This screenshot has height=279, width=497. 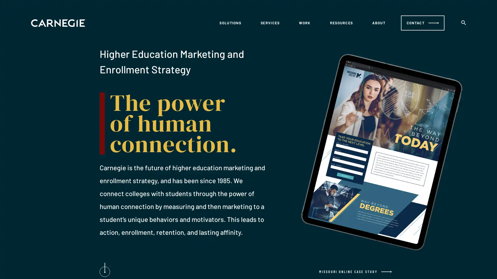 What do you see at coordinates (461, 22) in the screenshot?
I see `search` at bounding box center [461, 22].